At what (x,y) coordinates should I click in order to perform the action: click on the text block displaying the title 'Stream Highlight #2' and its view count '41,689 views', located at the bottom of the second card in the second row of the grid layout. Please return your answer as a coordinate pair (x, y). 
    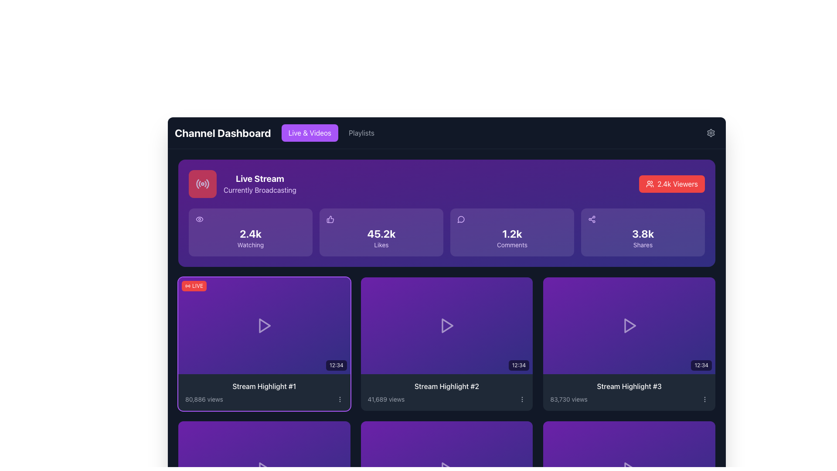
    Looking at the image, I should click on (446, 392).